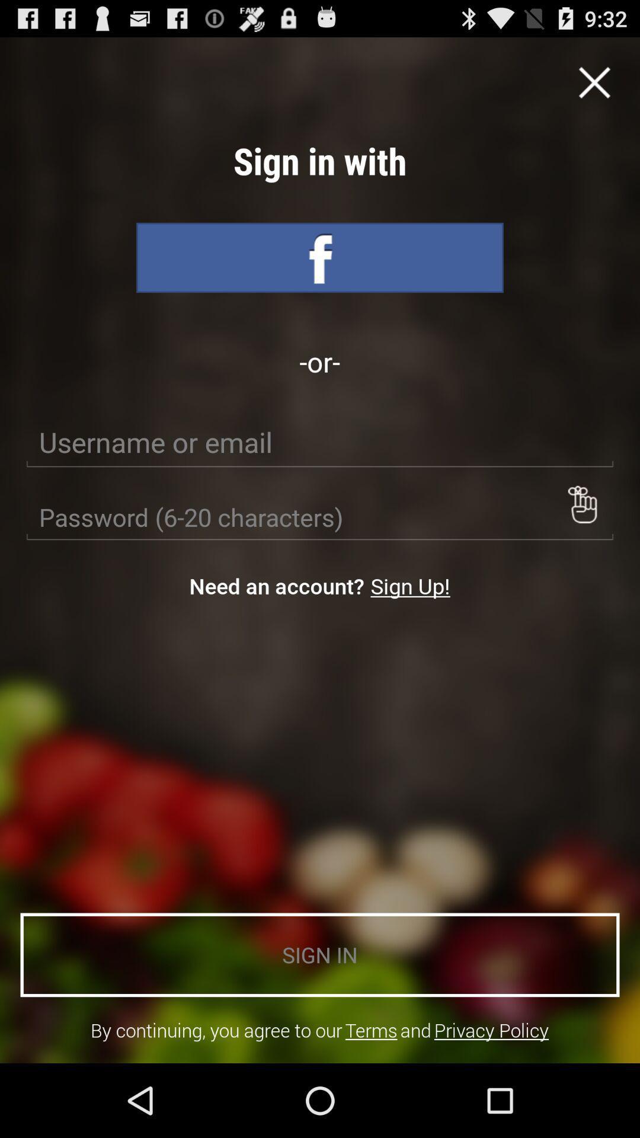  Describe the element at coordinates (491, 1030) in the screenshot. I see `the item next to and icon` at that location.